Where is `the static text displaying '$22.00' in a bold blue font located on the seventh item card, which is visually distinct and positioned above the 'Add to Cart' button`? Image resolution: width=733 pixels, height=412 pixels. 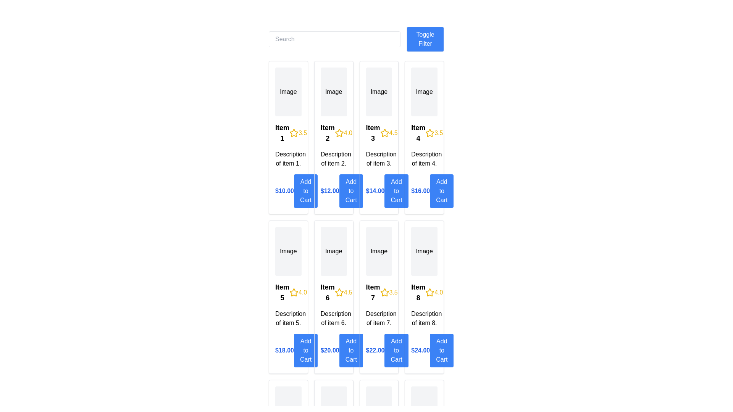
the static text displaying '$22.00' in a bold blue font located on the seventh item card, which is visually distinct and positioned above the 'Add to Cart' button is located at coordinates (375, 350).